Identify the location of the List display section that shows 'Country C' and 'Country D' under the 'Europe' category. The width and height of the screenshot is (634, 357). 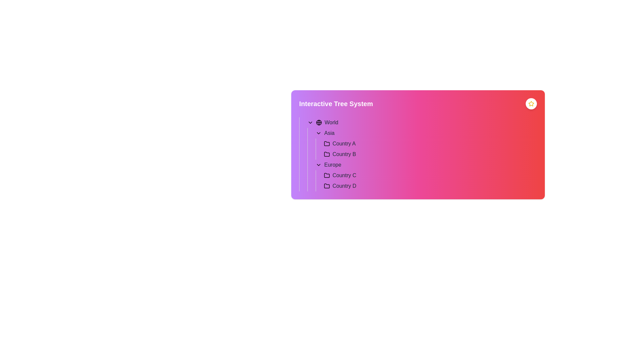
(426, 181).